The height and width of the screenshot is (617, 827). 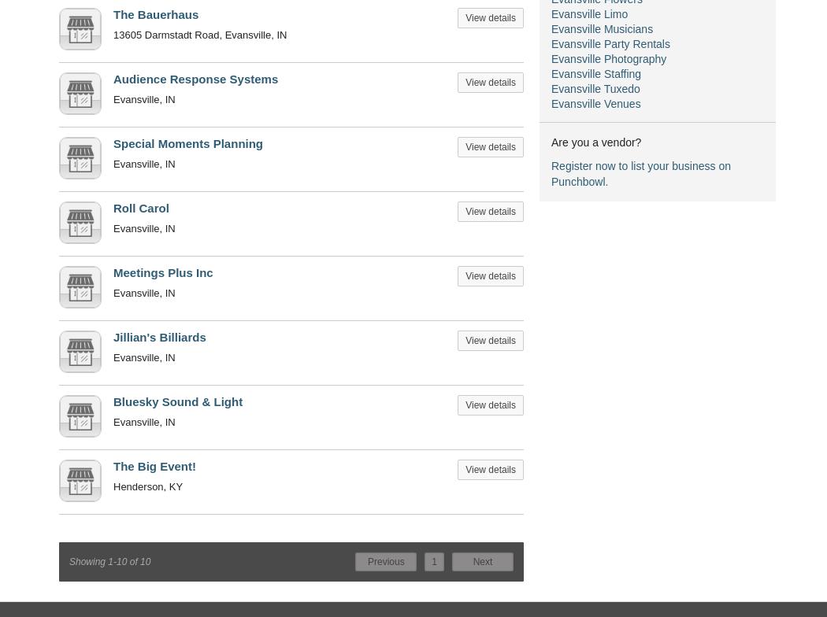 What do you see at coordinates (366, 561) in the screenshot?
I see `'Previous'` at bounding box center [366, 561].